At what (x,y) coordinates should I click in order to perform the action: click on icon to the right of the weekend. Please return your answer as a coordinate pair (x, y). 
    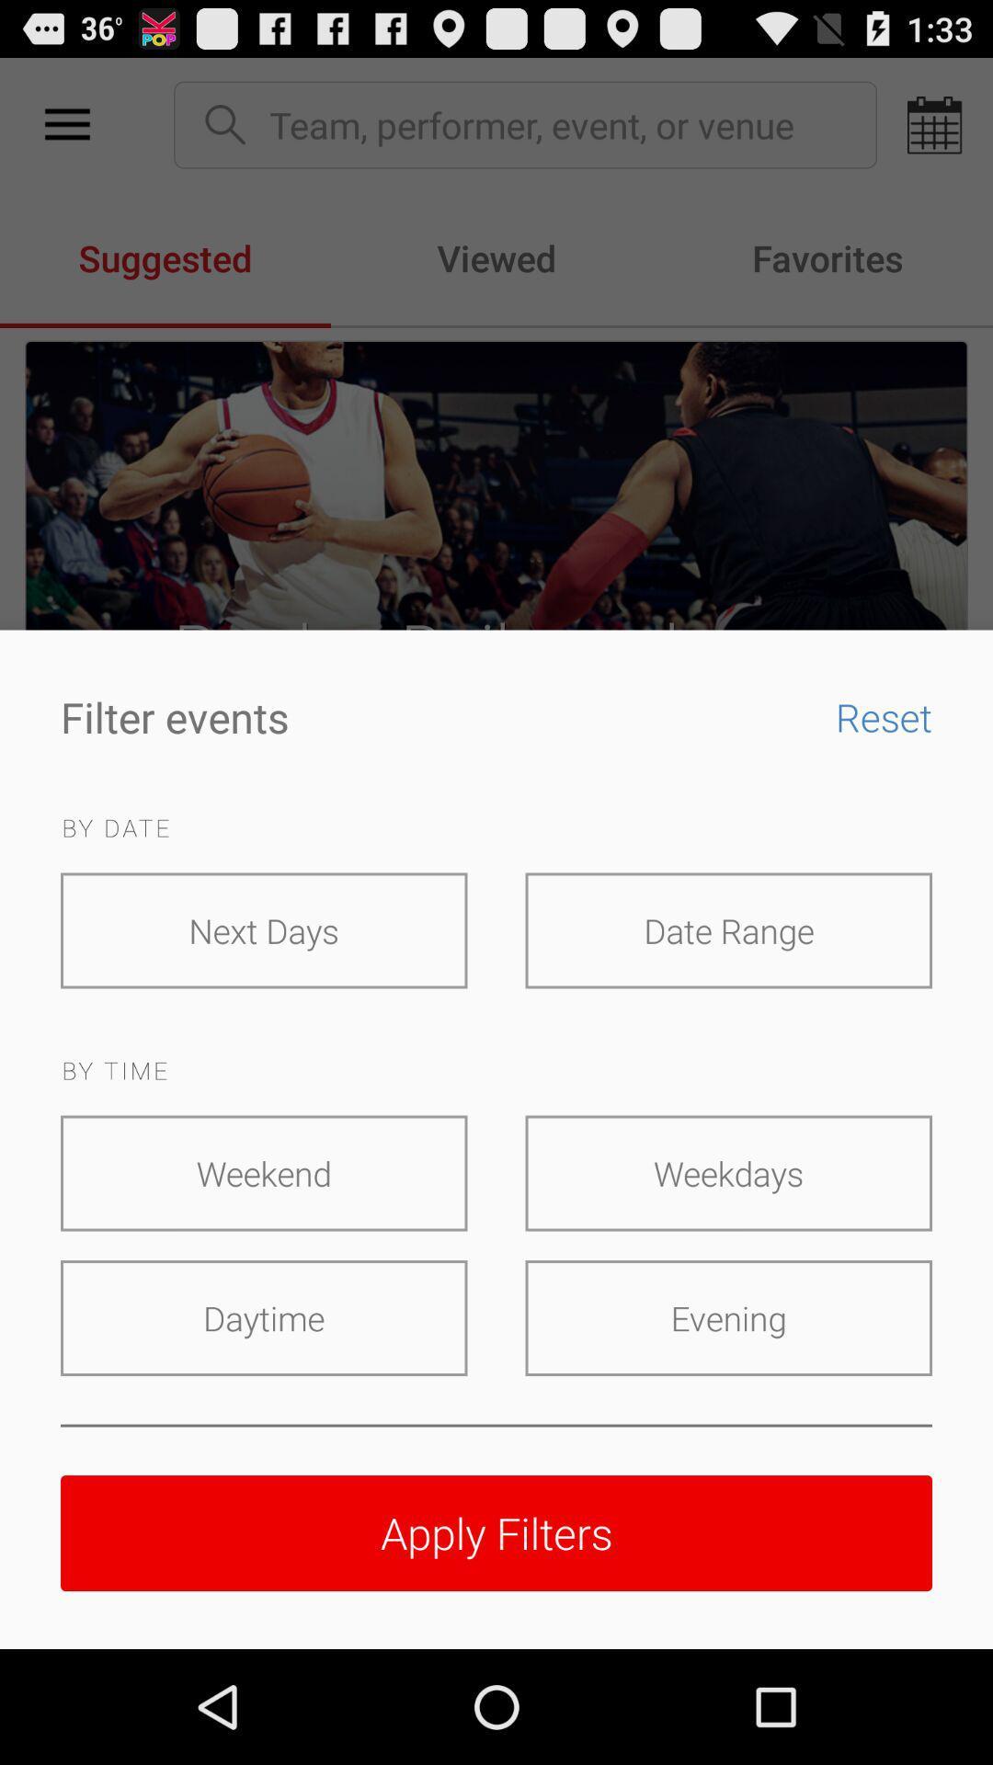
    Looking at the image, I should click on (727, 1172).